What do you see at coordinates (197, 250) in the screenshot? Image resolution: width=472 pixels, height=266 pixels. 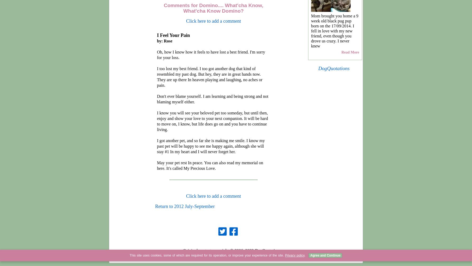 I see `'content copyright © 2006–'` at bounding box center [197, 250].